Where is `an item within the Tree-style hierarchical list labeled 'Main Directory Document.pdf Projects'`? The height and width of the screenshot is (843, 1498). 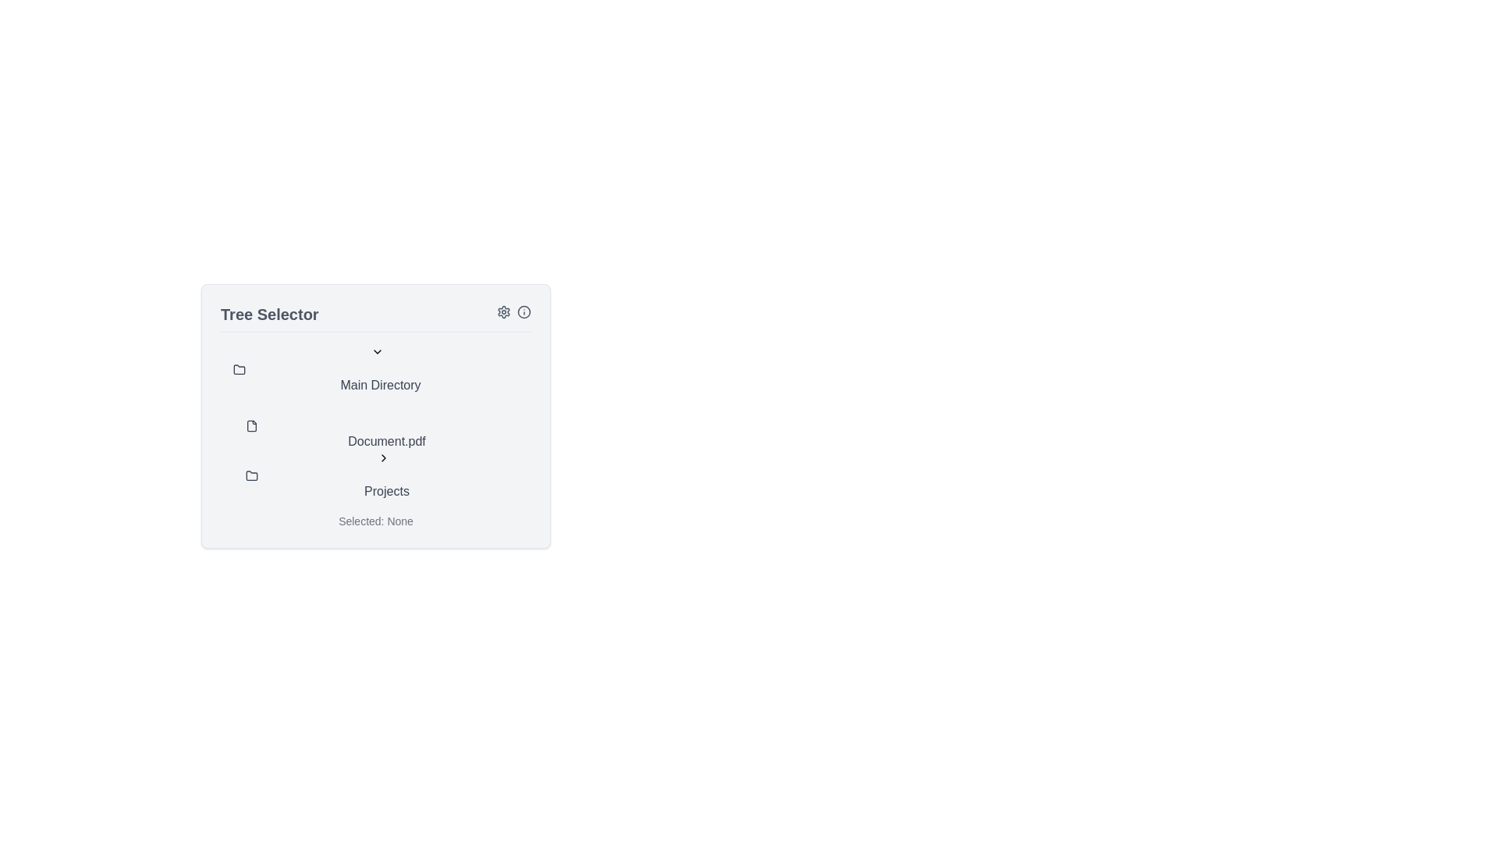 an item within the Tree-style hierarchical list labeled 'Main Directory Document.pdf Projects' is located at coordinates (375, 423).